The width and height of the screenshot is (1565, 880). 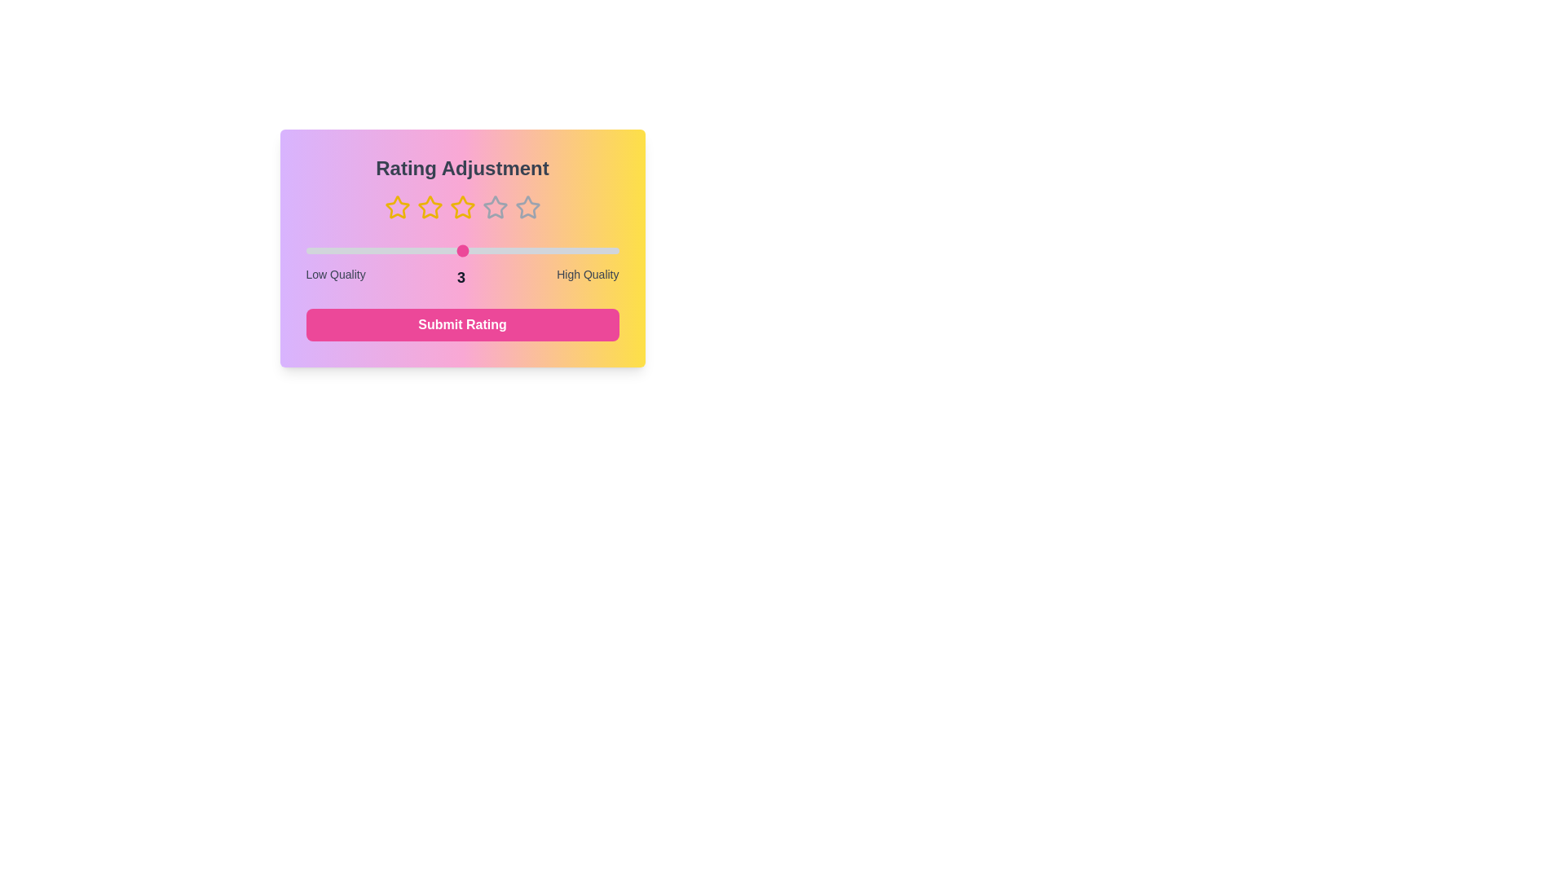 What do you see at coordinates (461, 251) in the screenshot?
I see `the slider to set the rating to 3` at bounding box center [461, 251].